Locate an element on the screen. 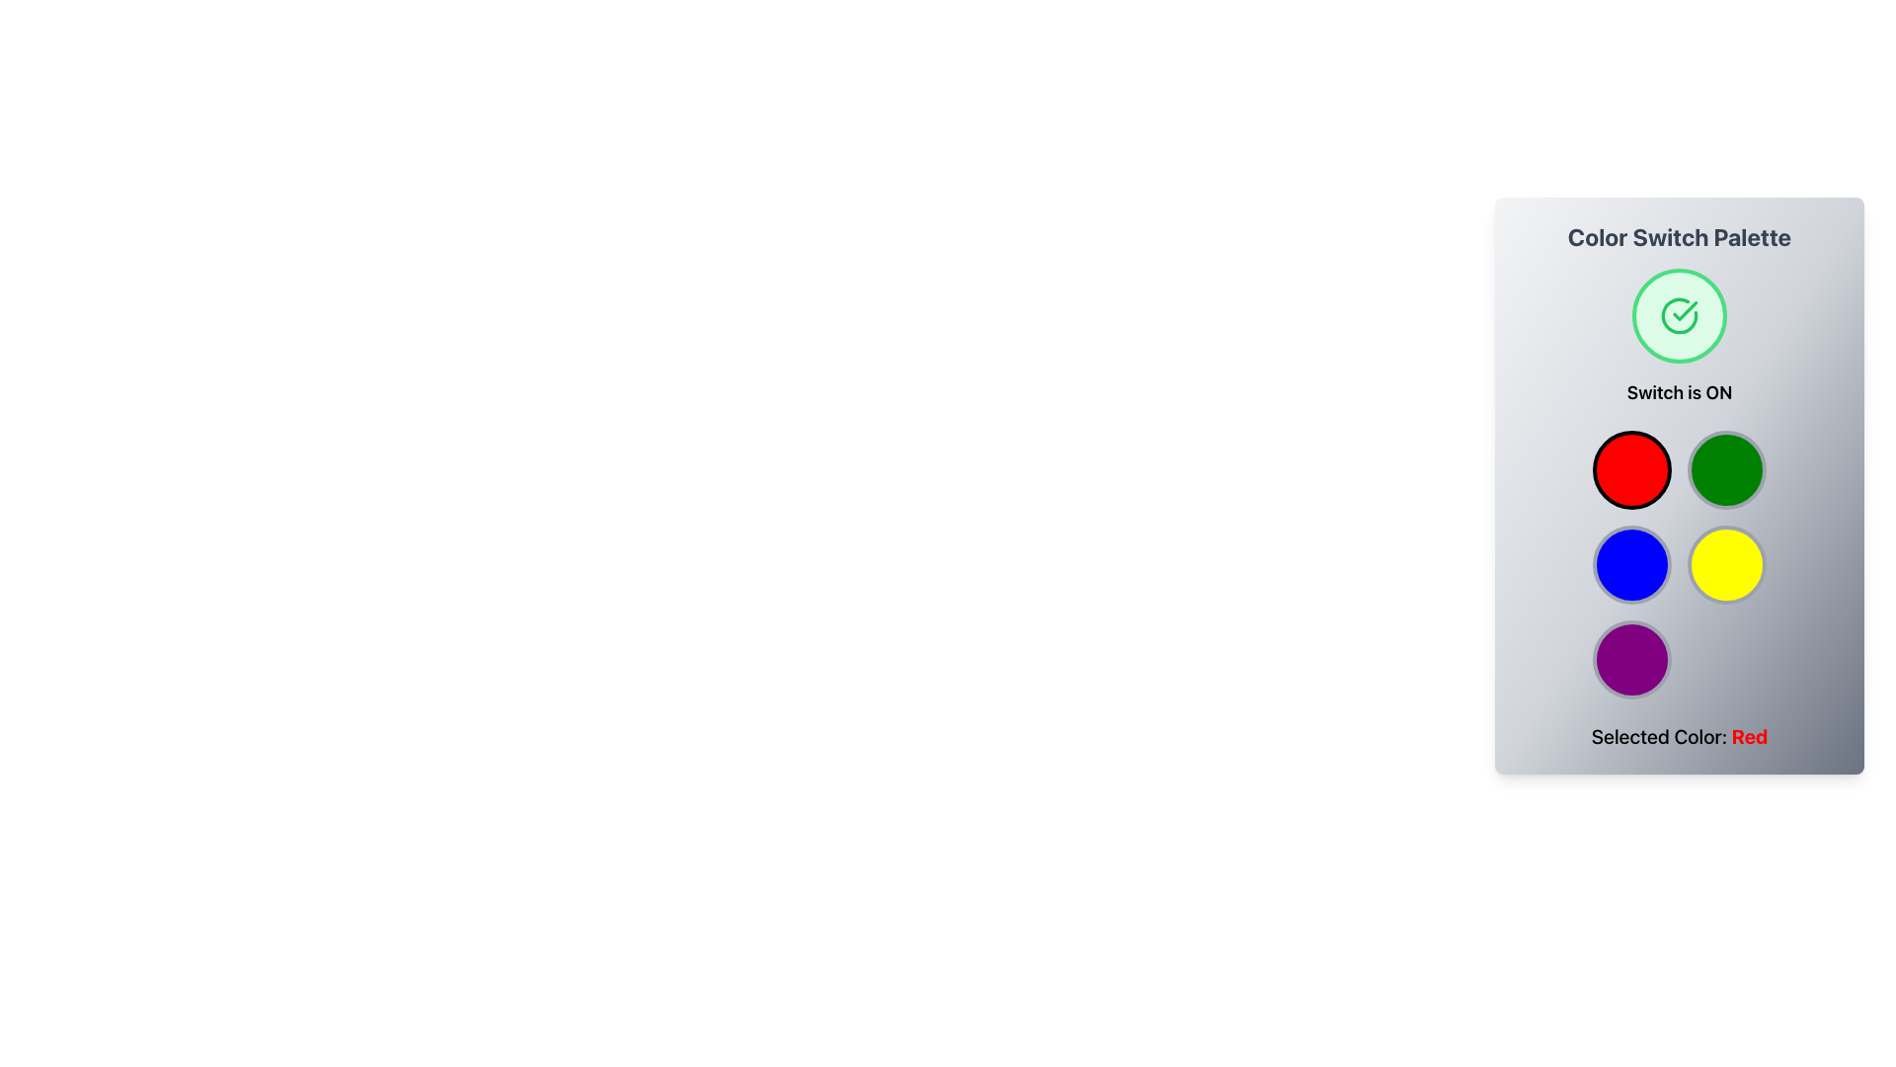 Image resolution: width=1896 pixels, height=1067 pixels. the circular icon indicator located at the top right of the white card-like area is located at coordinates (1678, 315).